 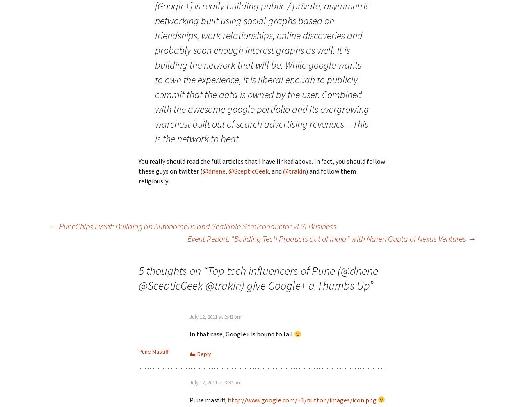 I want to click on 'Event Report: “Building Tech Products out of India” with Naren Gupta of Nexus Ventures', so click(x=327, y=238).